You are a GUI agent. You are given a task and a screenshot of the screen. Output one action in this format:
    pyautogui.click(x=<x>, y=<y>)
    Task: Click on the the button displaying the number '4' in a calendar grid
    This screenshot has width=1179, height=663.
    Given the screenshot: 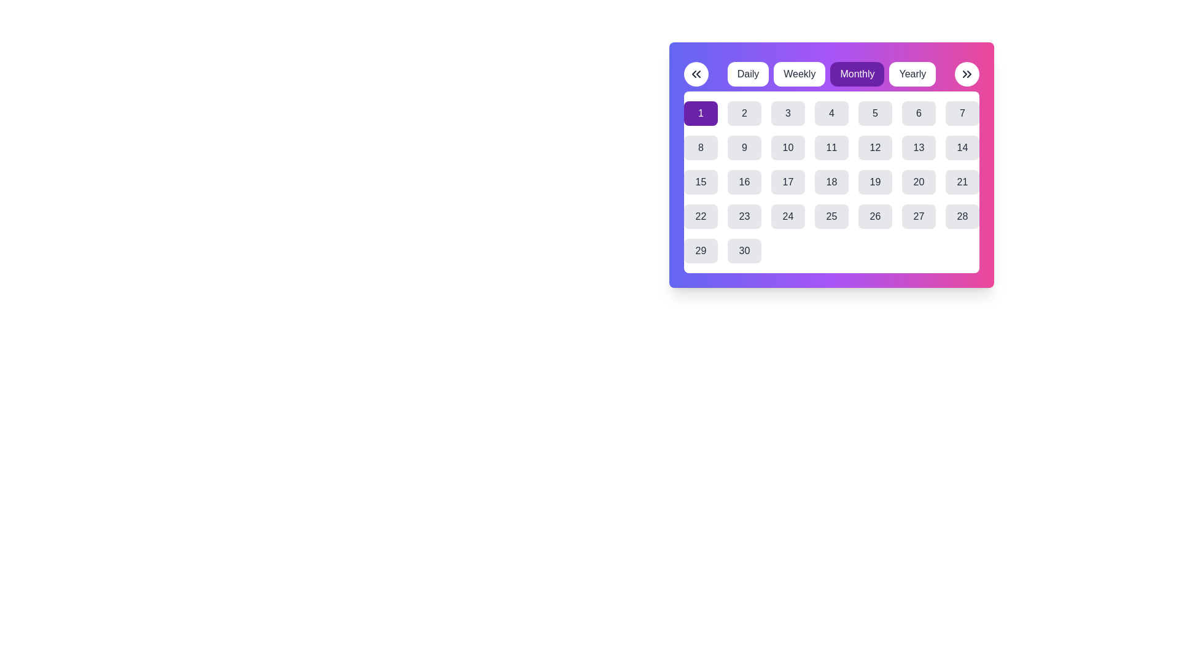 What is the action you would take?
    pyautogui.click(x=831, y=114)
    